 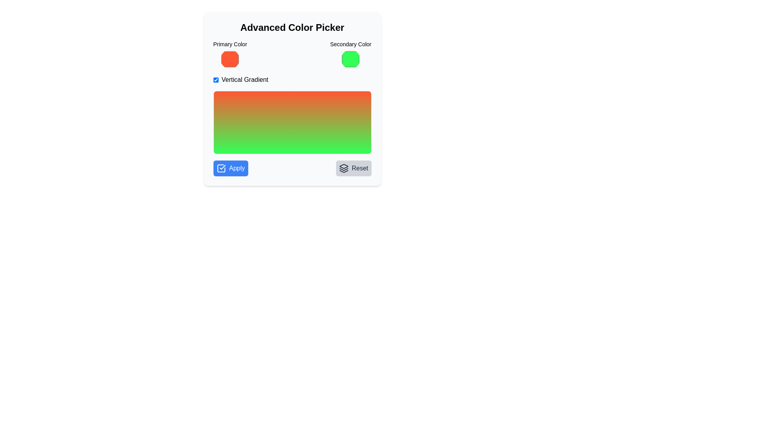 What do you see at coordinates (350, 44) in the screenshot?
I see `the 'Secondary Color' text label located at the top-right of the 'Advanced Color Picker' interface, which displays the text in a small-sized font with medium weight` at bounding box center [350, 44].